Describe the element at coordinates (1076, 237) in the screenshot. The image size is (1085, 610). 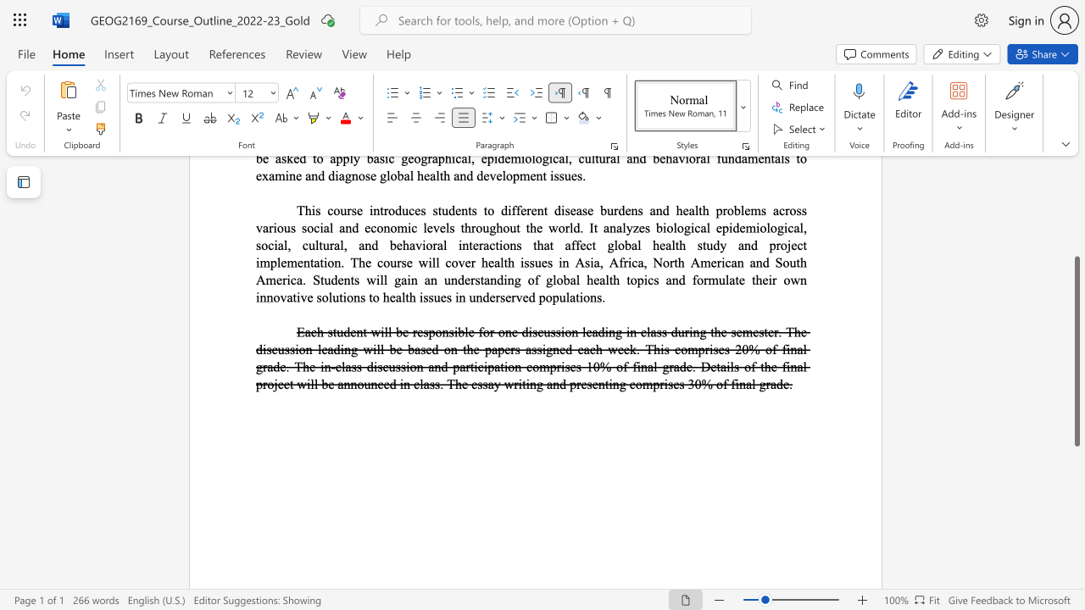
I see `the vertical scrollbar to raise the page content` at that location.